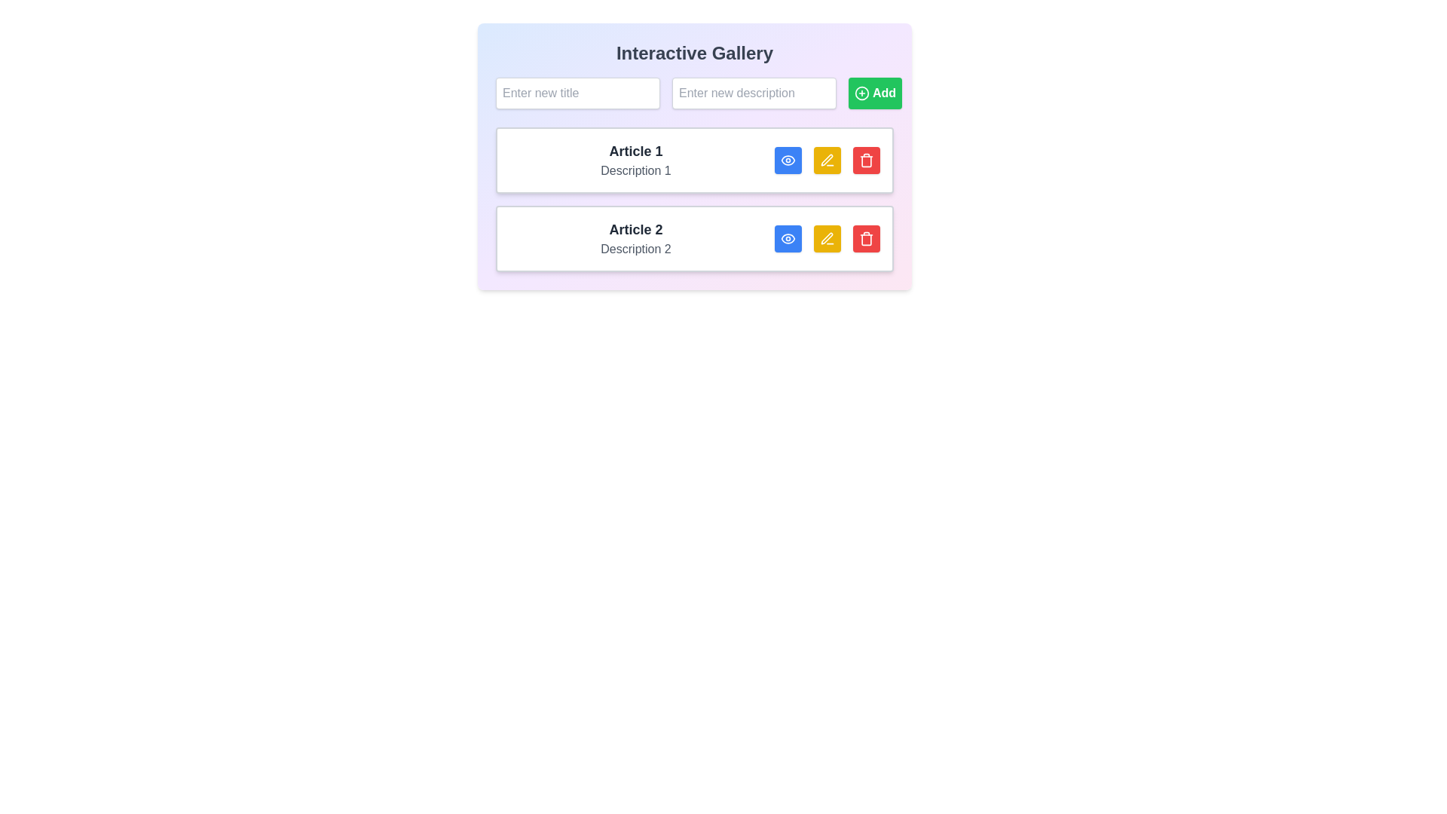 The height and width of the screenshot is (814, 1447). Describe the element at coordinates (827, 237) in the screenshot. I see `the edit button located to the right of the 'Article 2' row, between the blue viewing icon and the red delete icon` at that location.